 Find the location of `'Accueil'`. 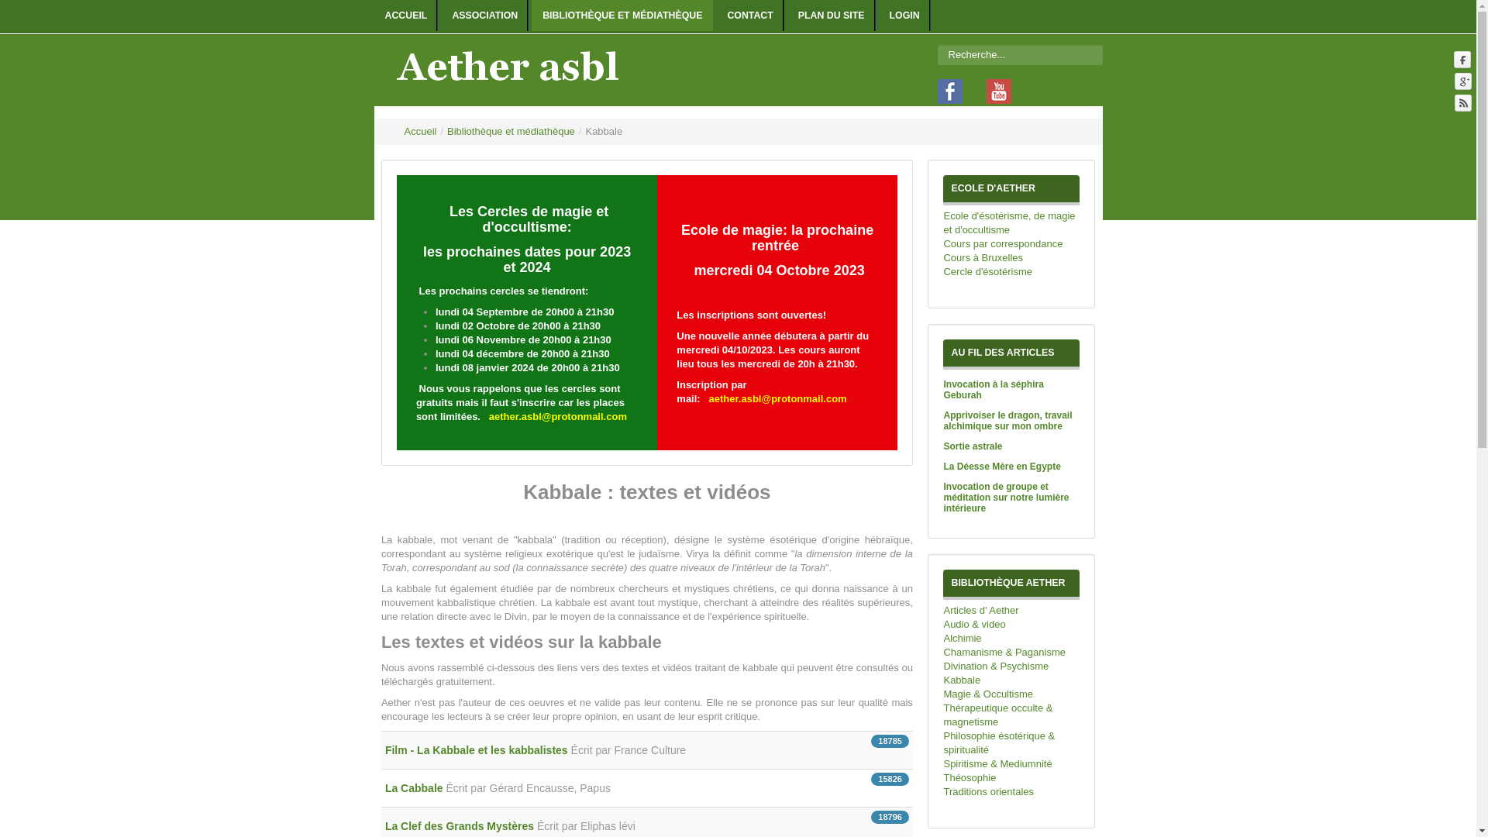

'Accueil' is located at coordinates (420, 130).